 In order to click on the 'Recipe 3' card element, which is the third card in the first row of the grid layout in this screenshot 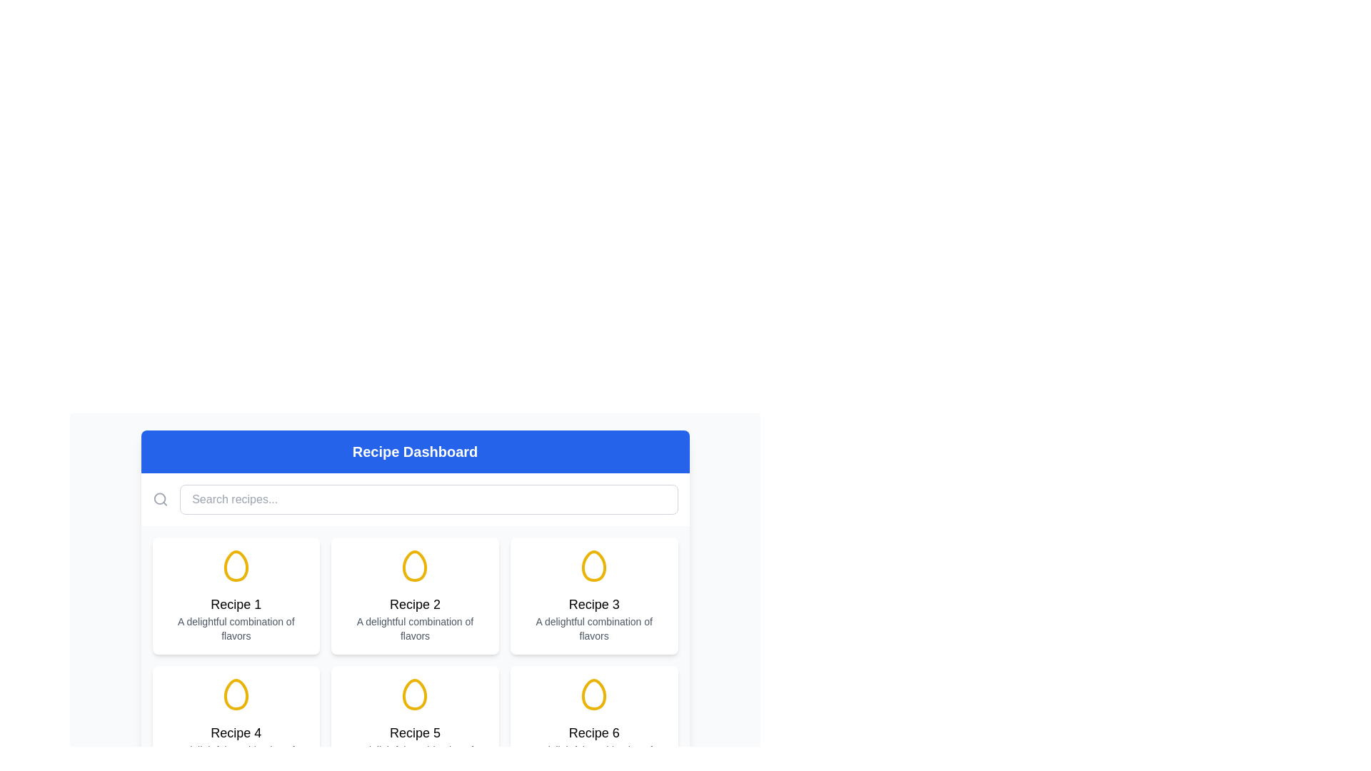, I will do `click(594, 595)`.